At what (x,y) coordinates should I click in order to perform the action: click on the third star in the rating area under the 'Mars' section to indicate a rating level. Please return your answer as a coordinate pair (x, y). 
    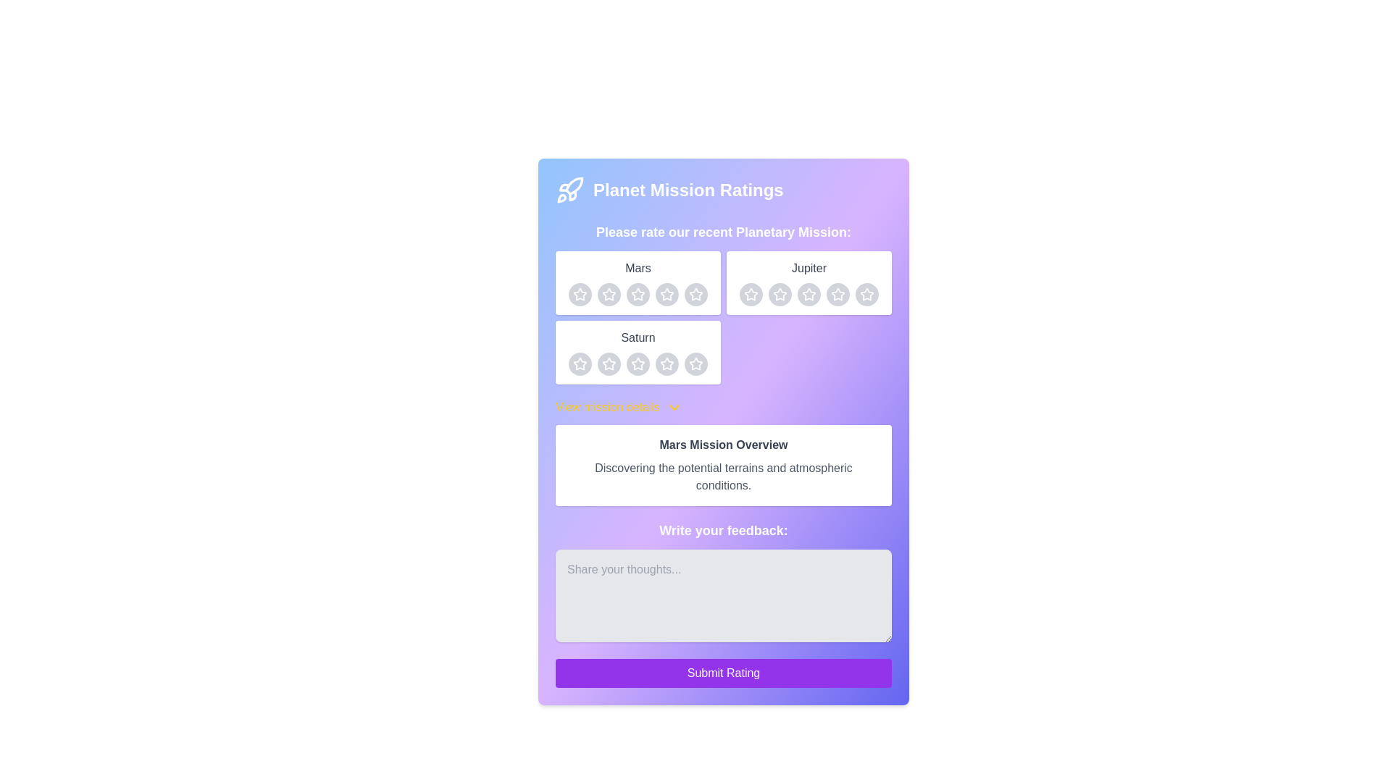
    Looking at the image, I should click on (695, 293).